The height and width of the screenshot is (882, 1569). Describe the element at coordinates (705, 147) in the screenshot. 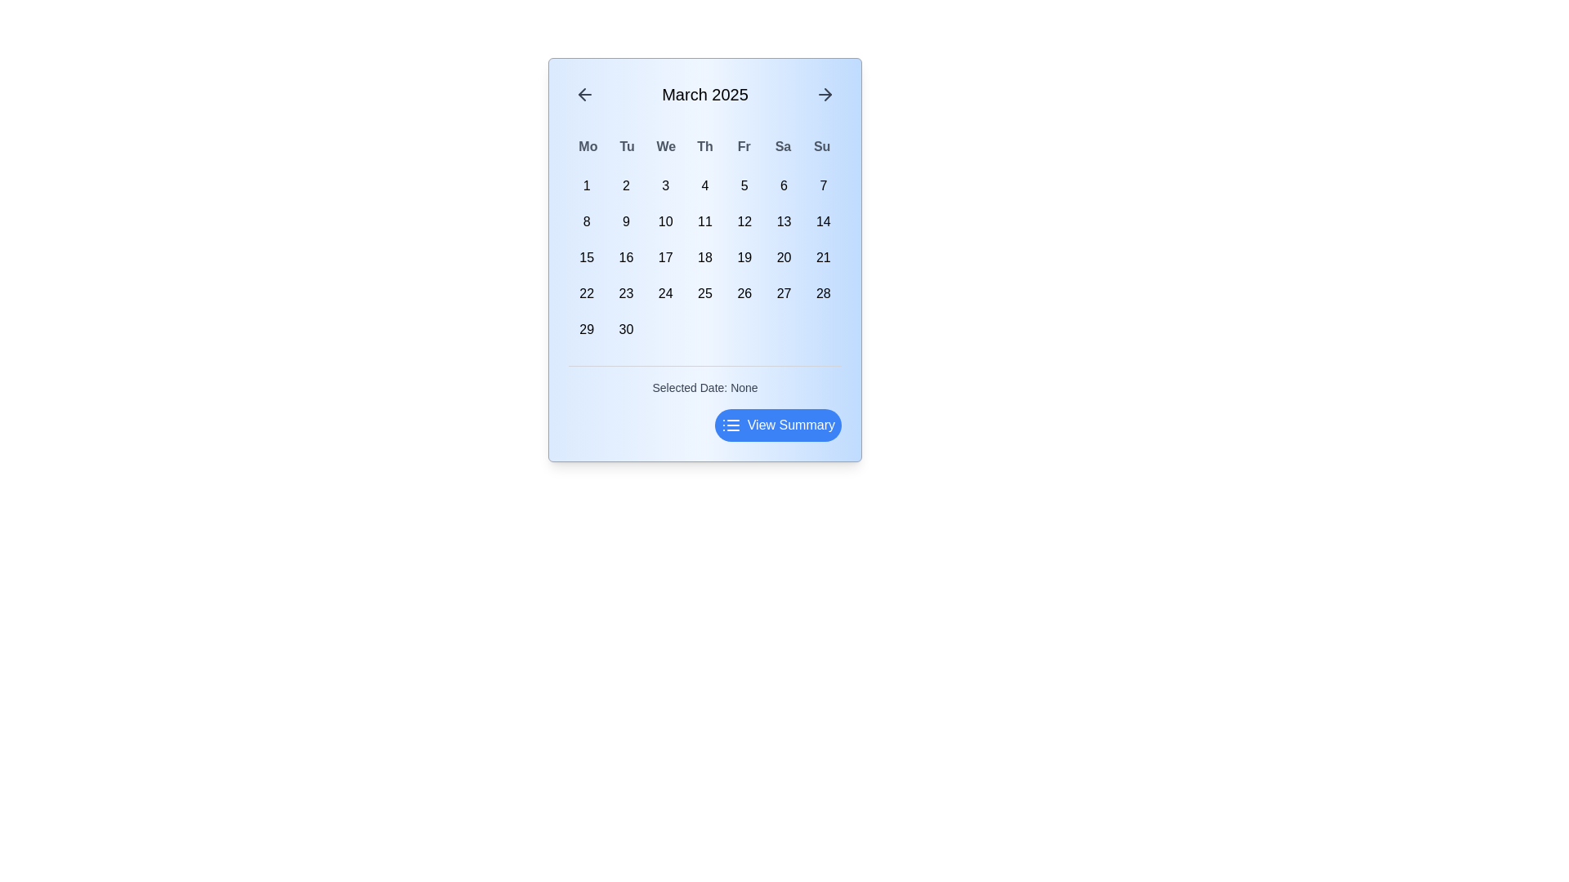

I see `the static text label marking 'Th' for Thursday in the weekly calendar header, which is positioned between 'We' and 'Fr'` at that location.